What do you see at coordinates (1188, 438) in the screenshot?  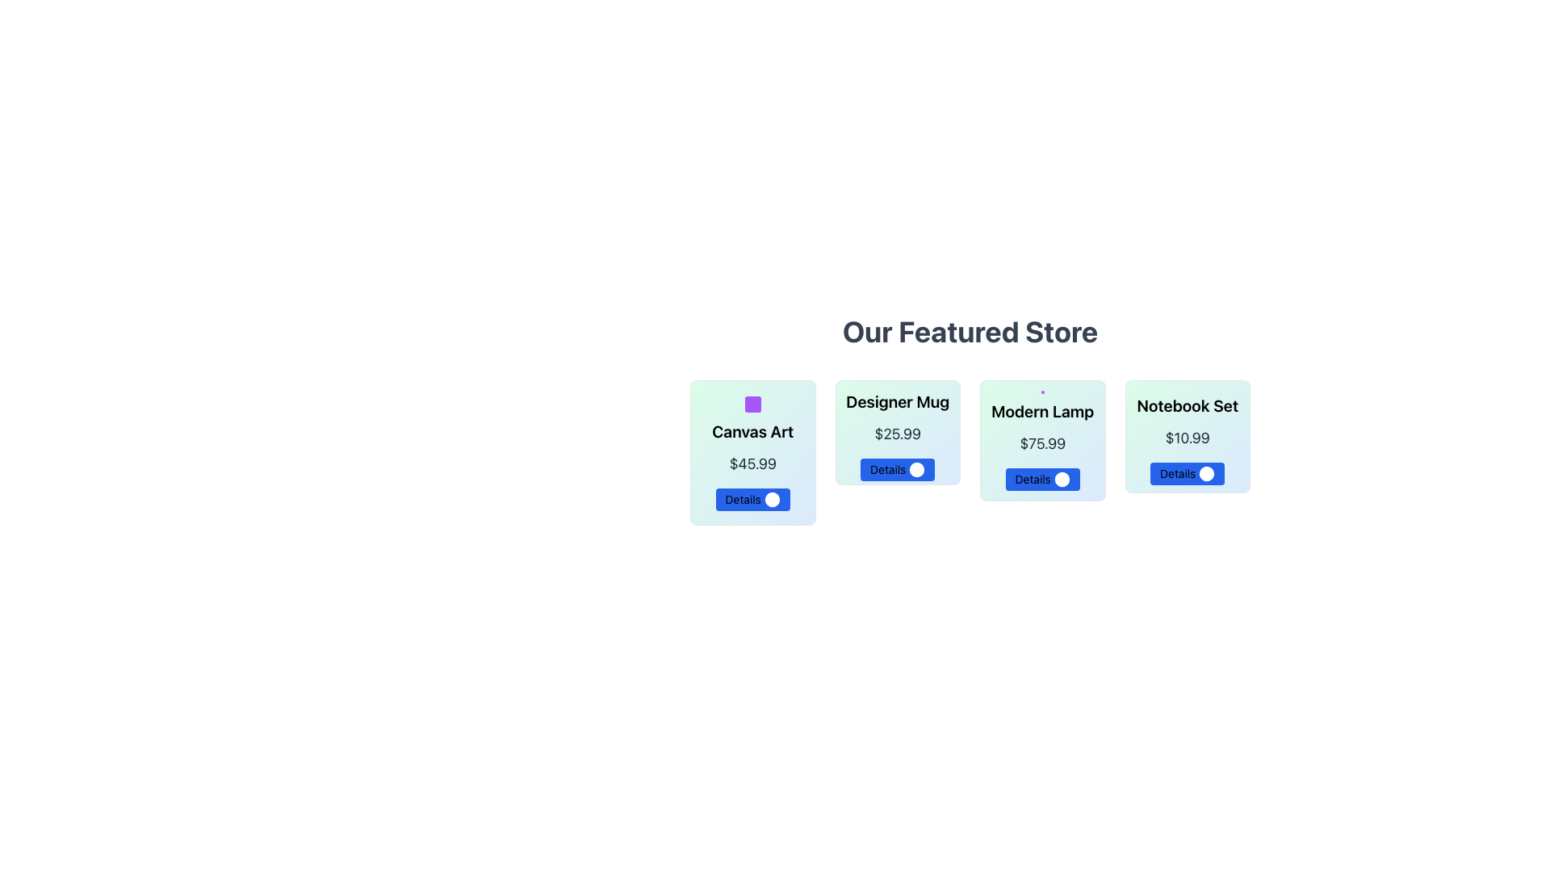 I see `price text label displaying '$10.99' located centrally in the Notebook Set section, positioned between the title 'Notebook Set' and the 'Details' button` at bounding box center [1188, 438].